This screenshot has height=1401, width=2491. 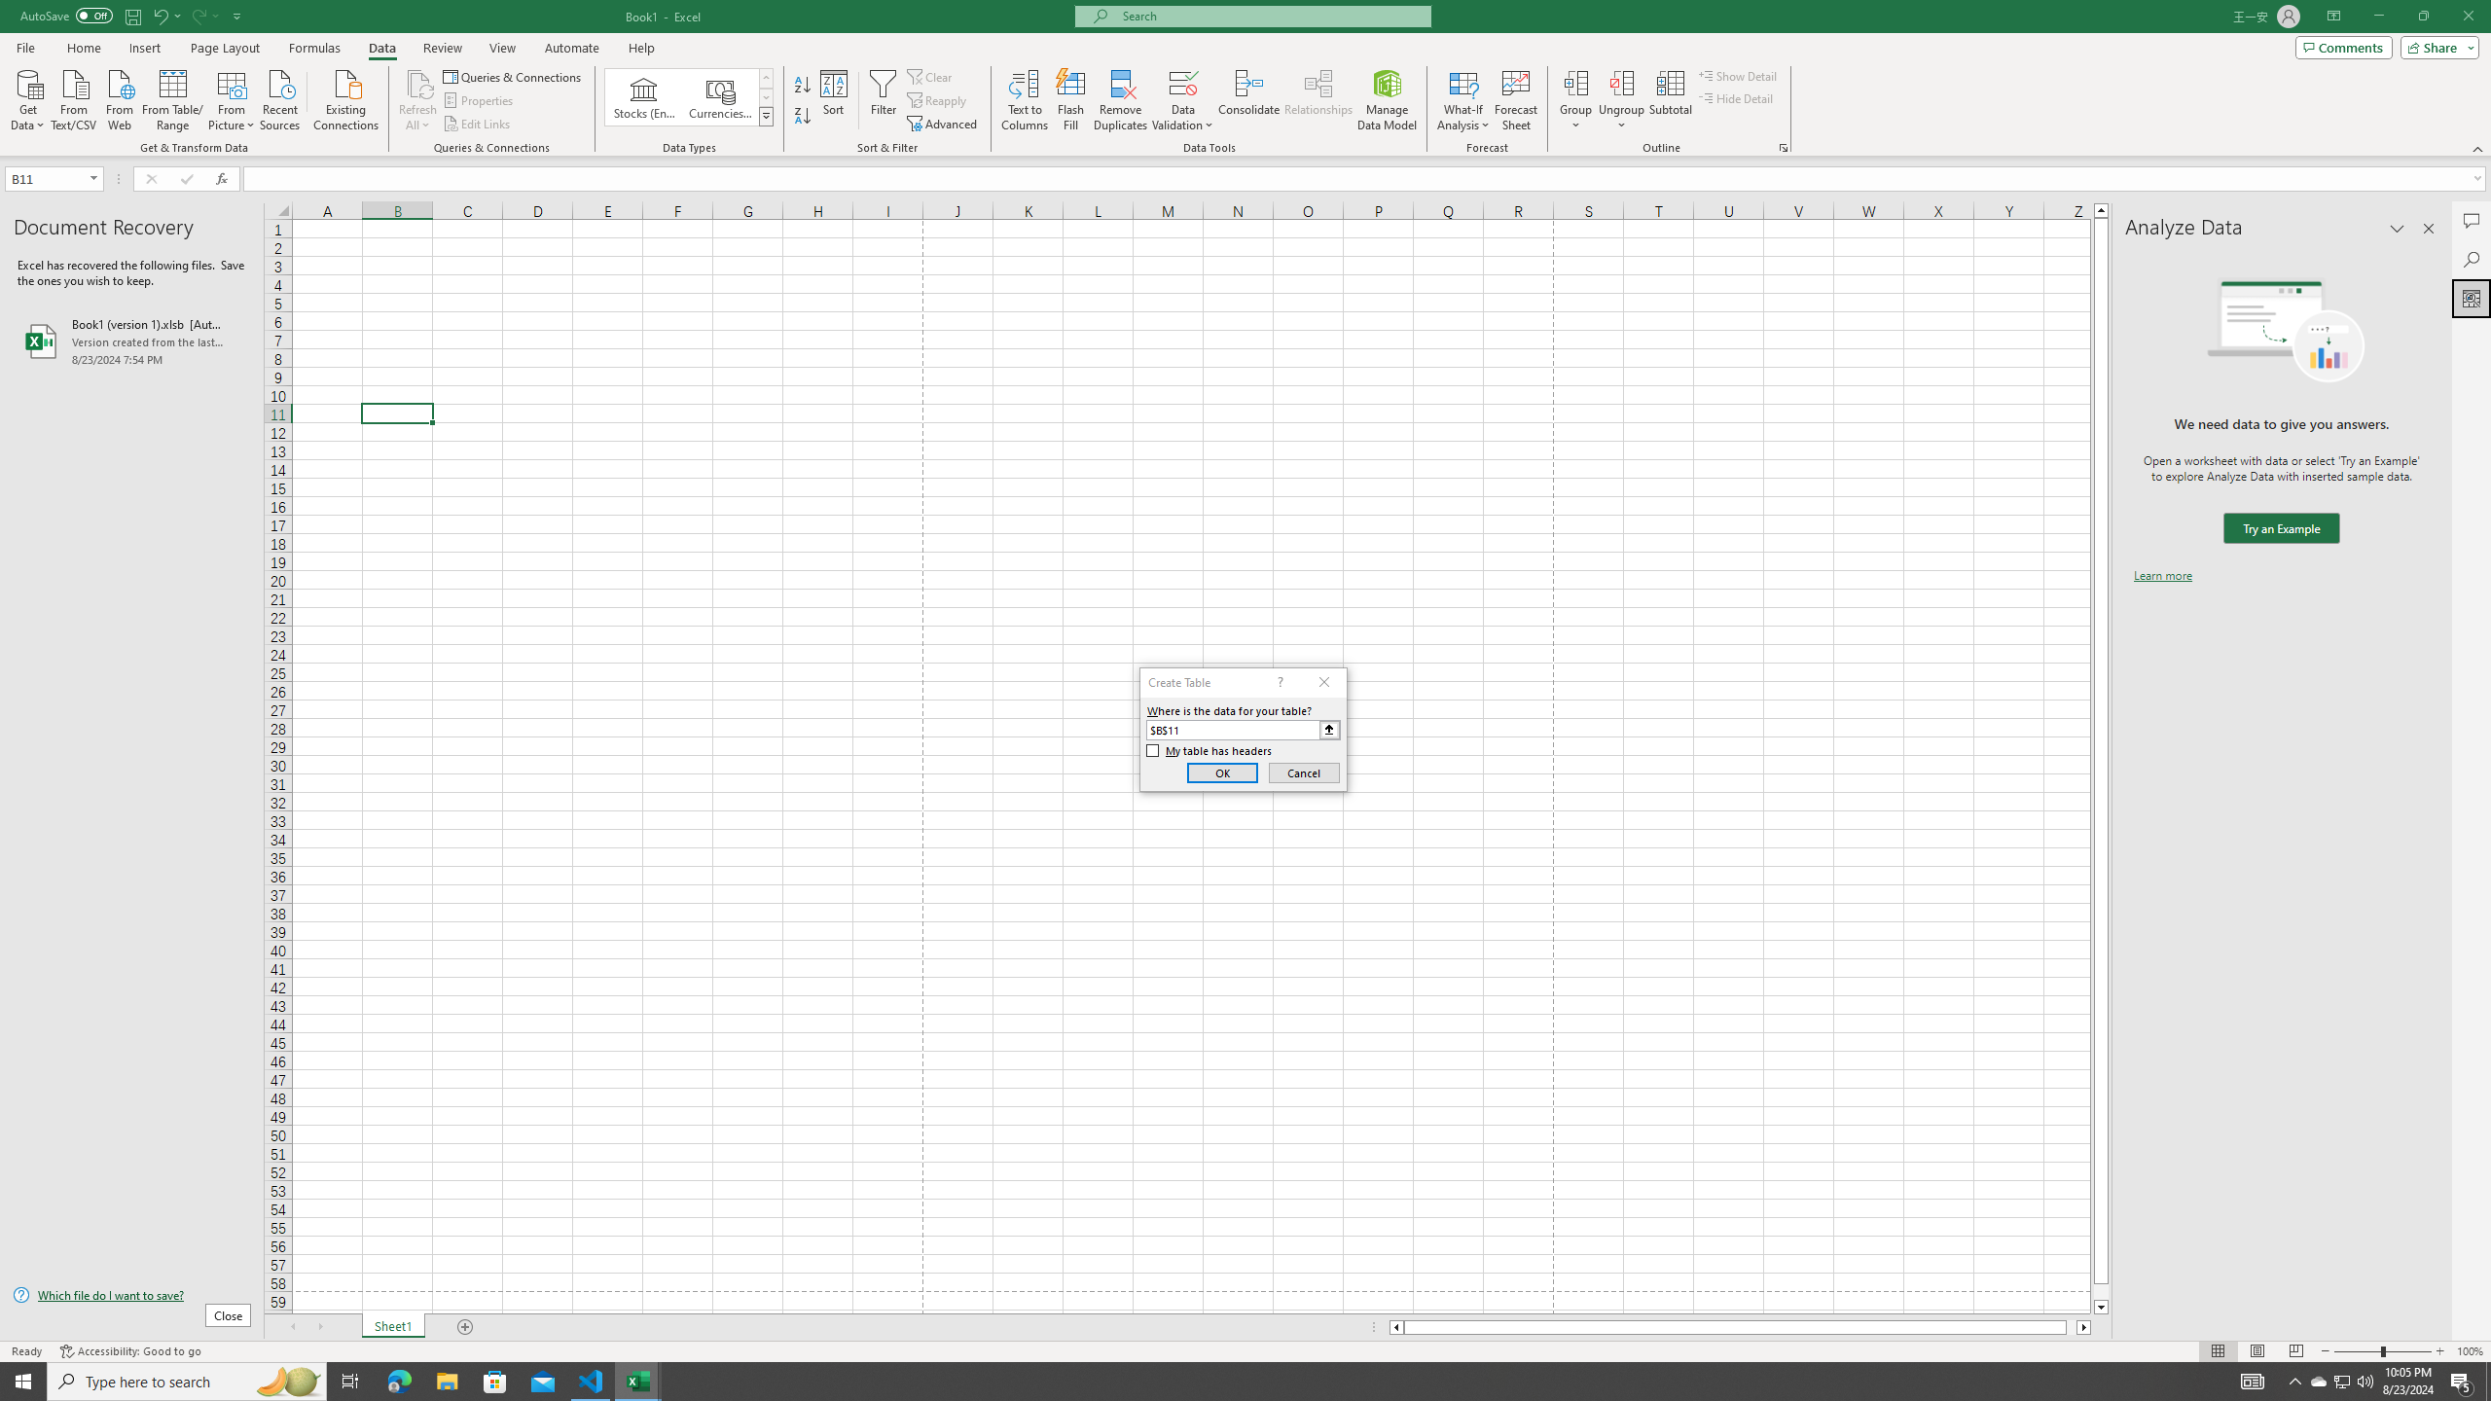 I want to click on 'Page right', so click(x=2071, y=1326).